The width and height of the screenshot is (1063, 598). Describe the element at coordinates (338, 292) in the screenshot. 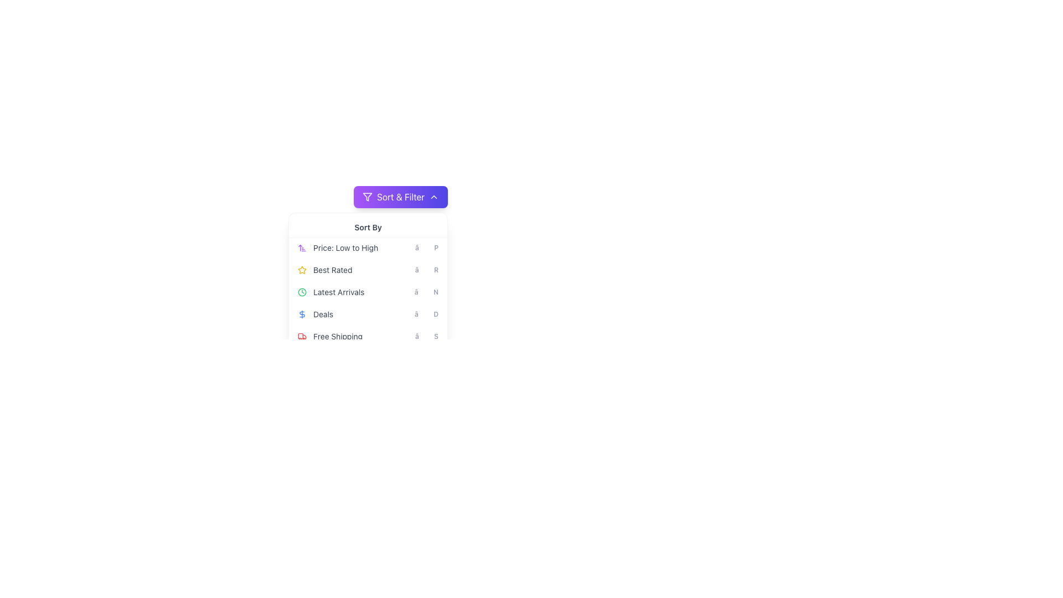

I see `the 'Latest Arrivals' text element in the dropdown menu labeled 'Sort By'` at that location.